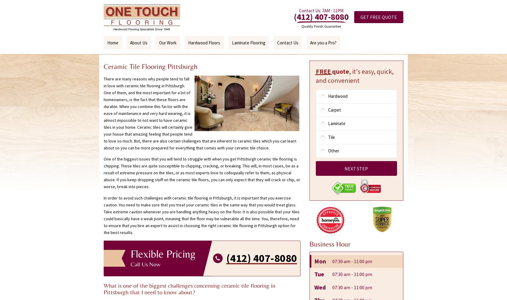 The width and height of the screenshot is (507, 300). I want to click on 'Carpet', so click(328, 109).